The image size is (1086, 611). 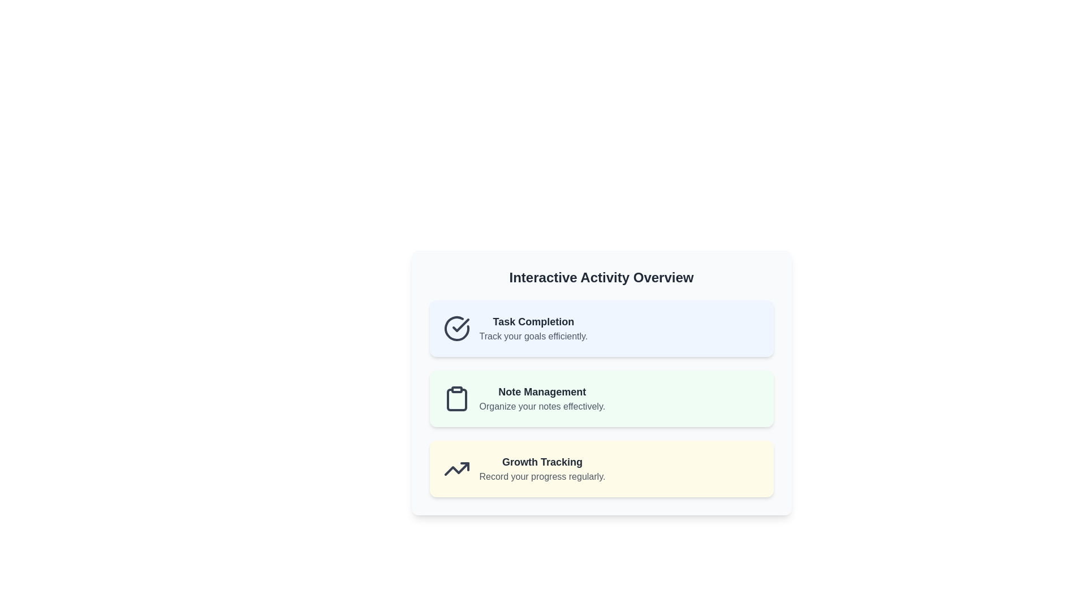 I want to click on the text label reading 'Organize your notes effectively.' which is styled in gray and located below the bolded title 'Note Management.', so click(x=541, y=406).